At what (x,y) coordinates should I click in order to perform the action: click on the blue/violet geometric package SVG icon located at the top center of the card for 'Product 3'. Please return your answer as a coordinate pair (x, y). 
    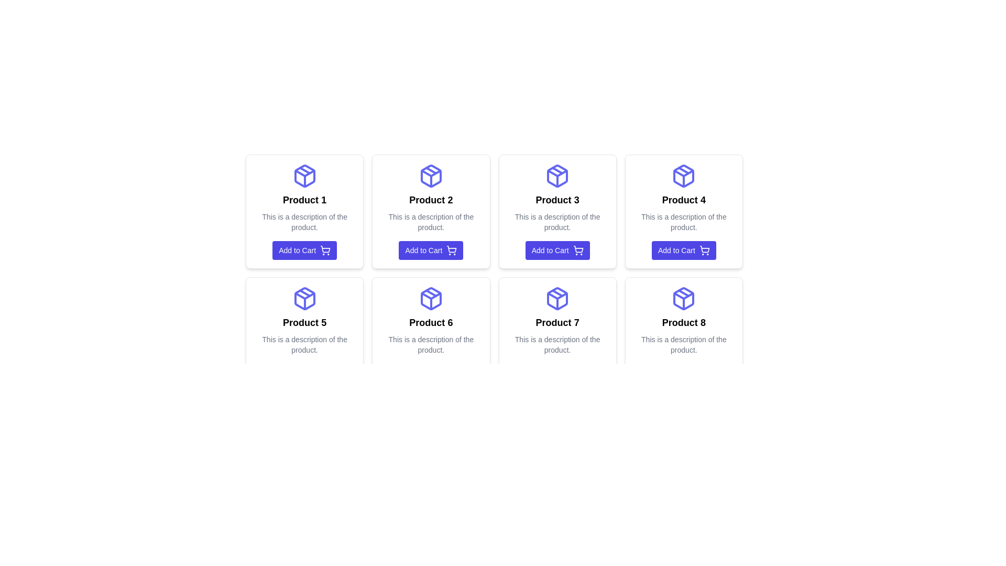
    Looking at the image, I should click on (557, 175).